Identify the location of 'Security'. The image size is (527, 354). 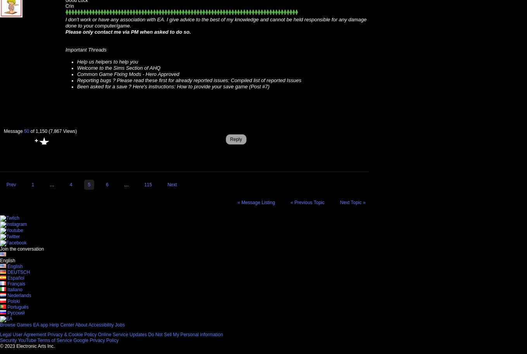
(8, 340).